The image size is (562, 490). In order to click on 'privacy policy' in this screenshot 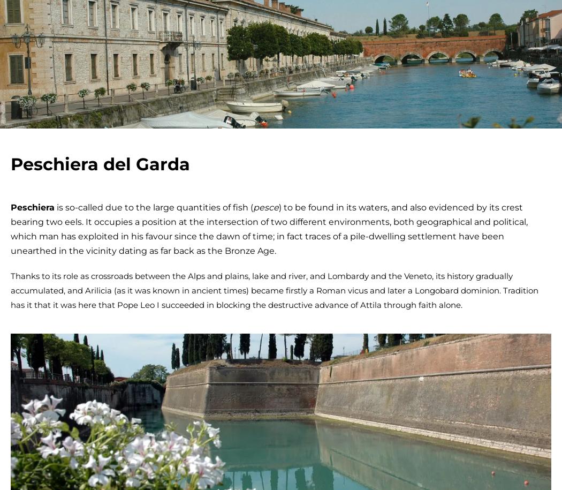, I will do `click(136, 176)`.